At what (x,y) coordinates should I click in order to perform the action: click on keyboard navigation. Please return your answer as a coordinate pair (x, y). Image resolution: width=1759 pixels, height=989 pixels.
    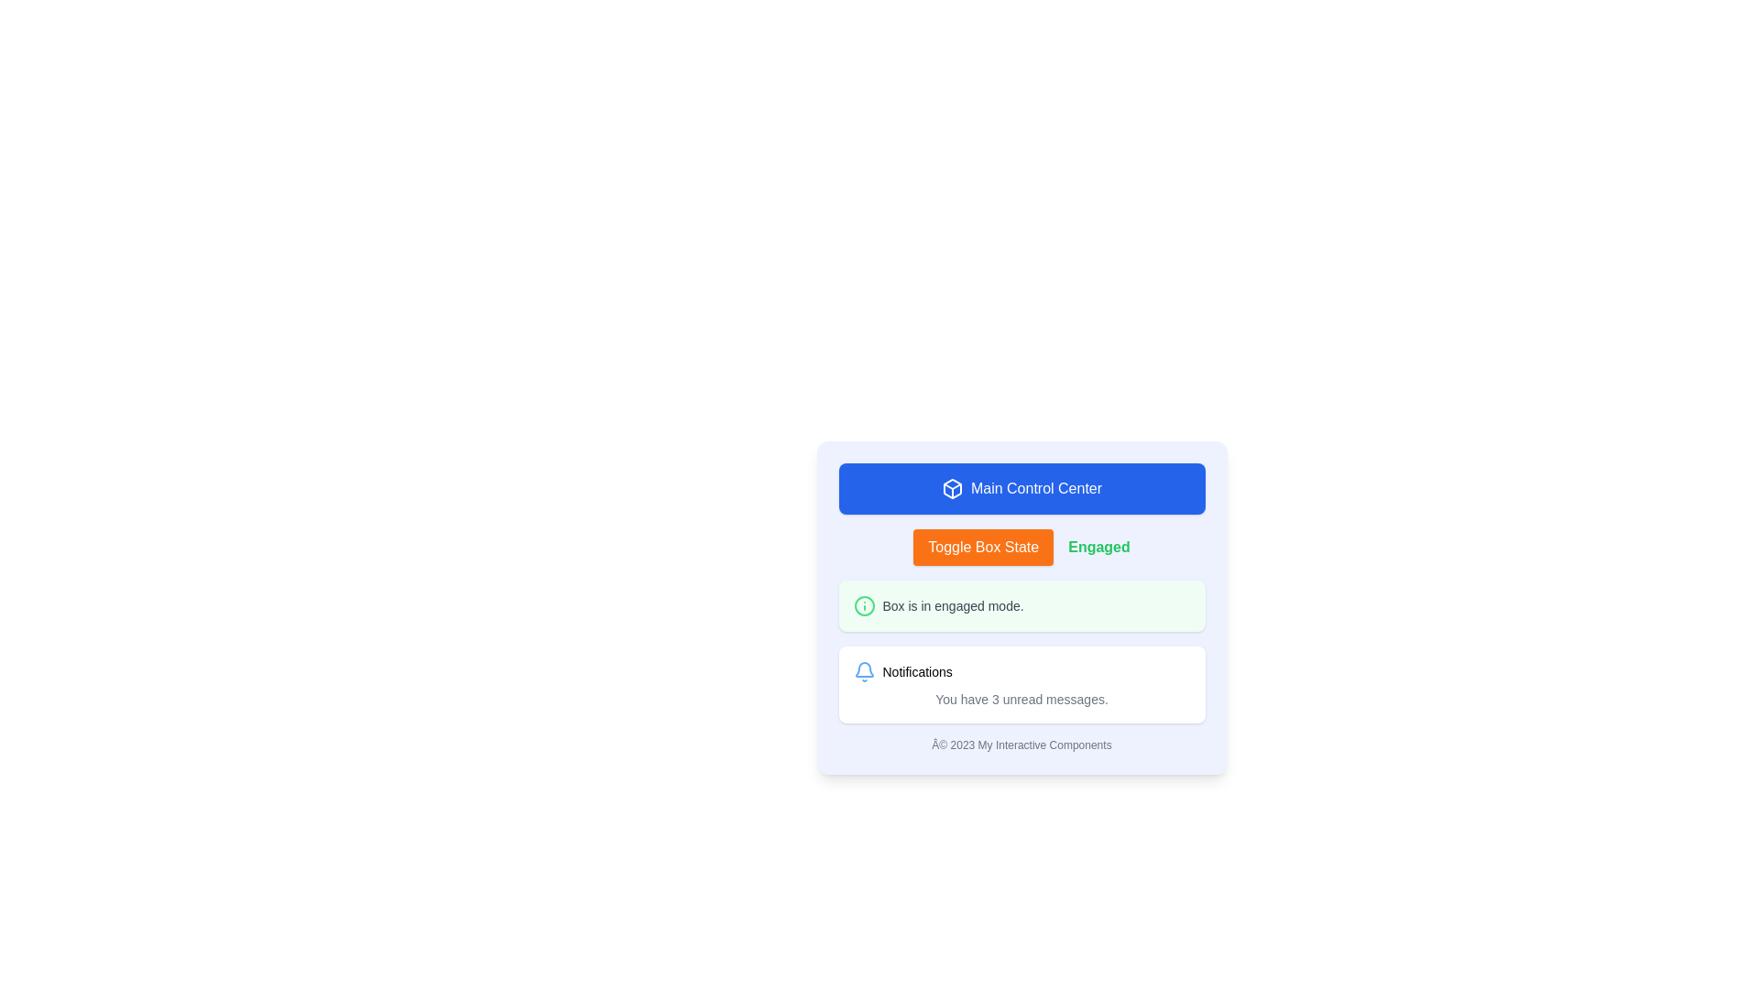
    Looking at the image, I should click on (982, 546).